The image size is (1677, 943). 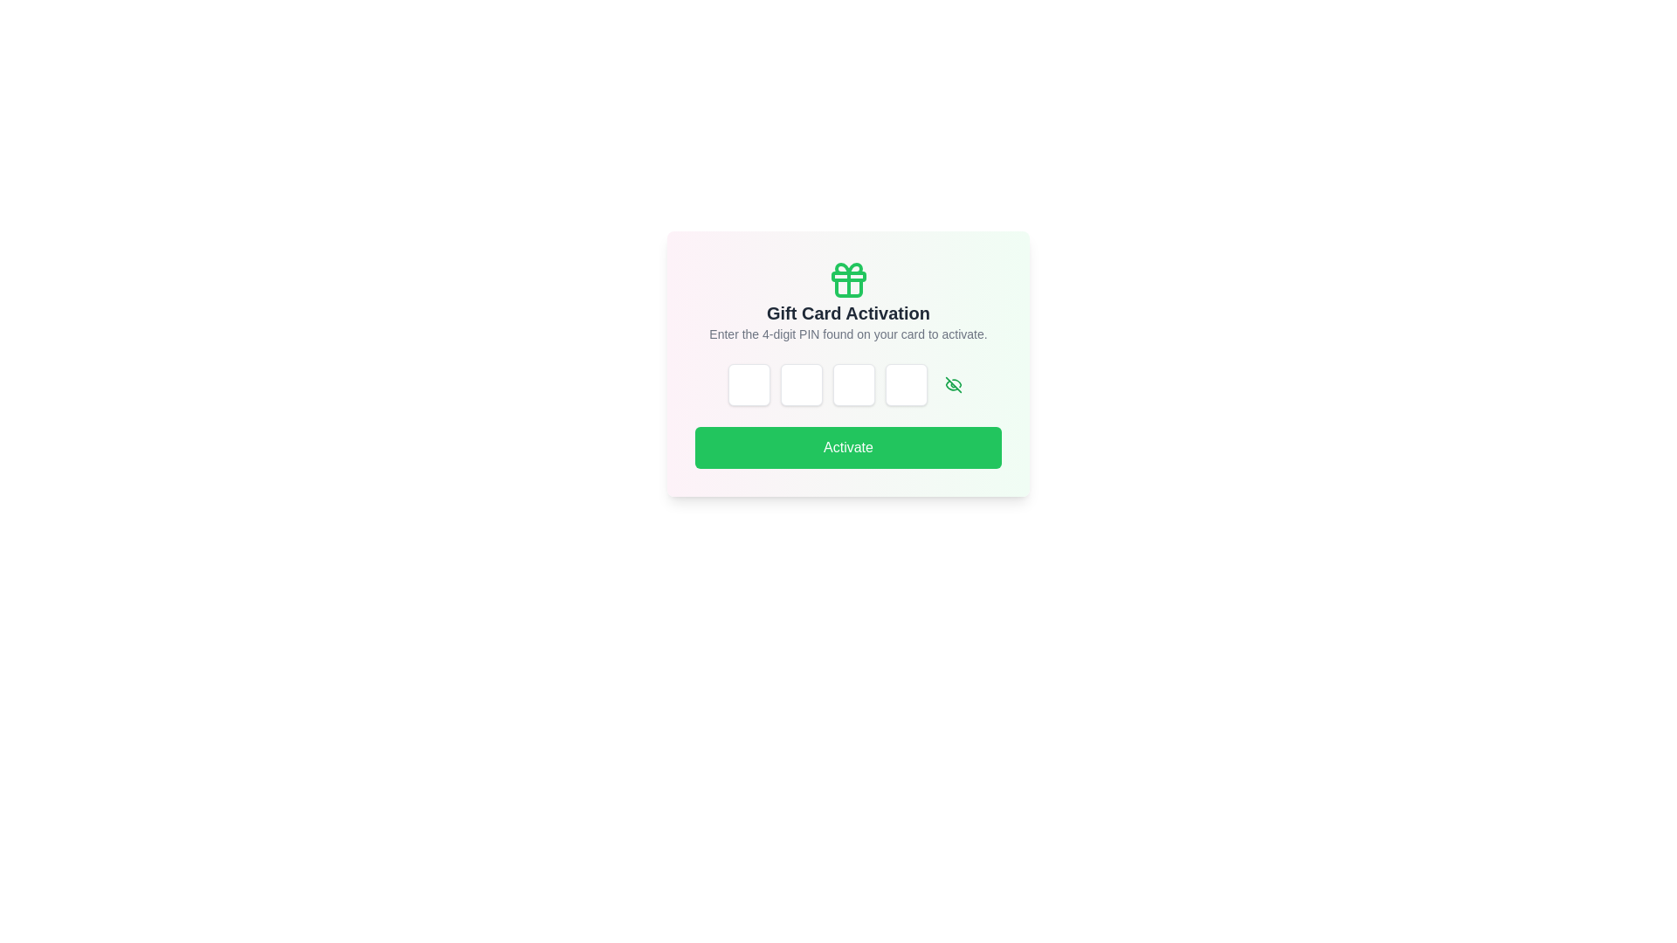 What do you see at coordinates (906, 383) in the screenshot?
I see `the fourth square input field in a 4-digit PIN entry design` at bounding box center [906, 383].